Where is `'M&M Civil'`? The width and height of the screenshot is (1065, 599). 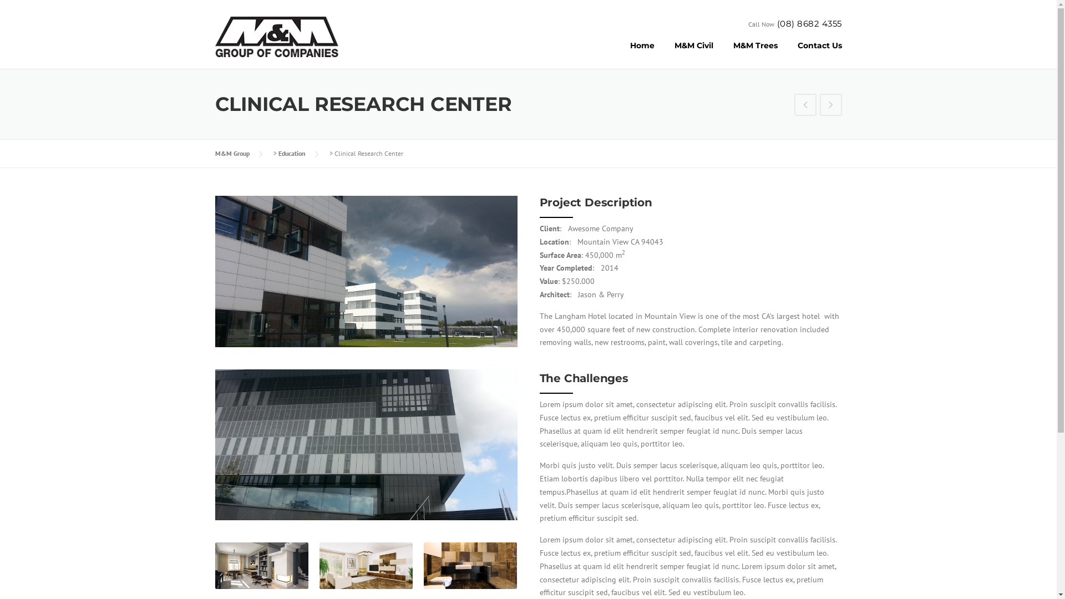 'M&M Civil' is located at coordinates (665, 53).